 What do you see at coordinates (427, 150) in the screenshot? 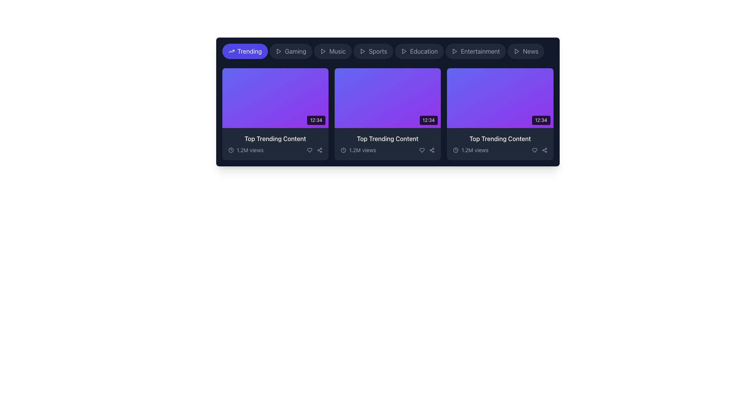
I see `the heart-shaped icon in the interactive icons group located in the bottom-right corner of the middle card under the video title and view count to like the content` at bounding box center [427, 150].